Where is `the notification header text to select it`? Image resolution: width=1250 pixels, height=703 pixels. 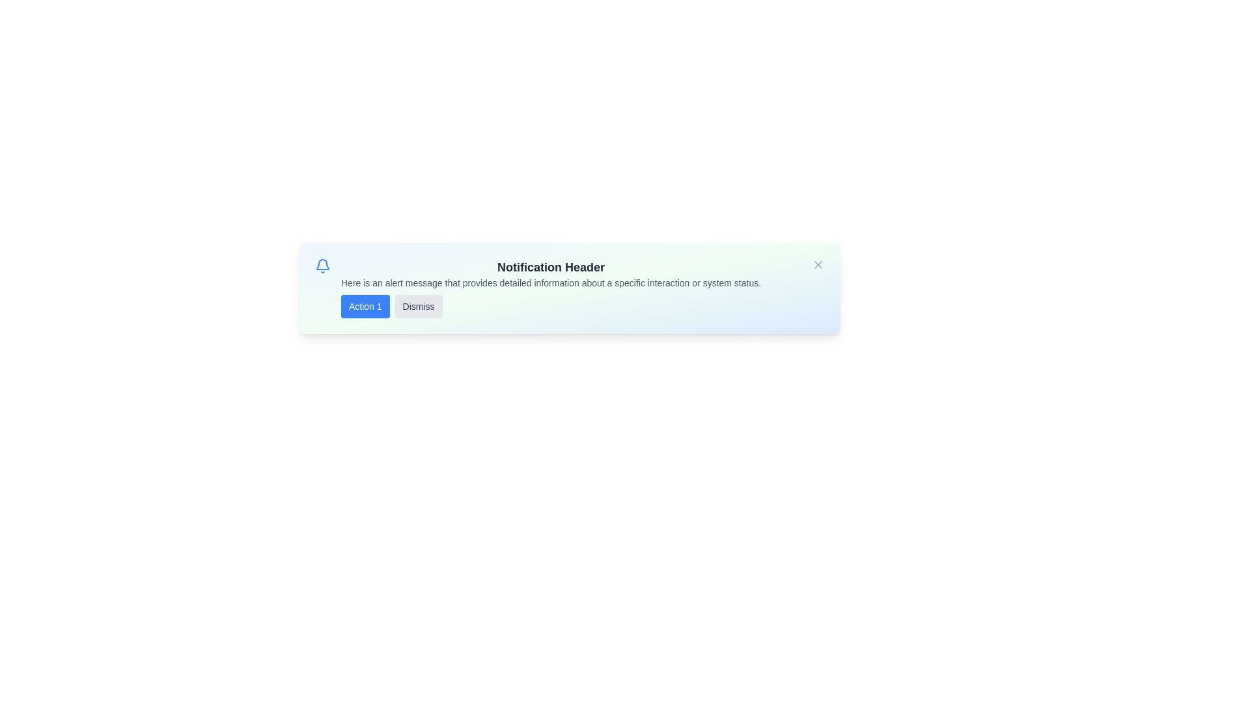 the notification header text to select it is located at coordinates (551, 267).